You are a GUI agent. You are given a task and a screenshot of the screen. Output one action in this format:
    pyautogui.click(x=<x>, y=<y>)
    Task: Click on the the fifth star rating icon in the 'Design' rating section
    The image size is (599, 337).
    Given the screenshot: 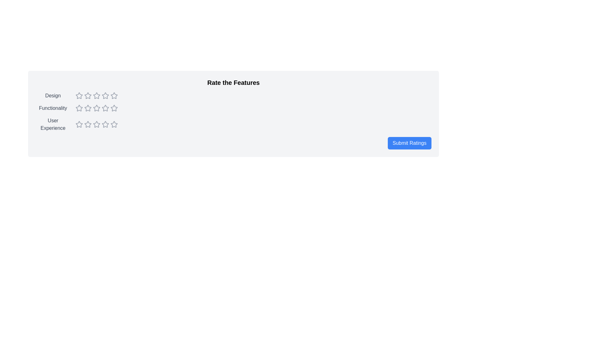 What is the action you would take?
    pyautogui.click(x=114, y=96)
    